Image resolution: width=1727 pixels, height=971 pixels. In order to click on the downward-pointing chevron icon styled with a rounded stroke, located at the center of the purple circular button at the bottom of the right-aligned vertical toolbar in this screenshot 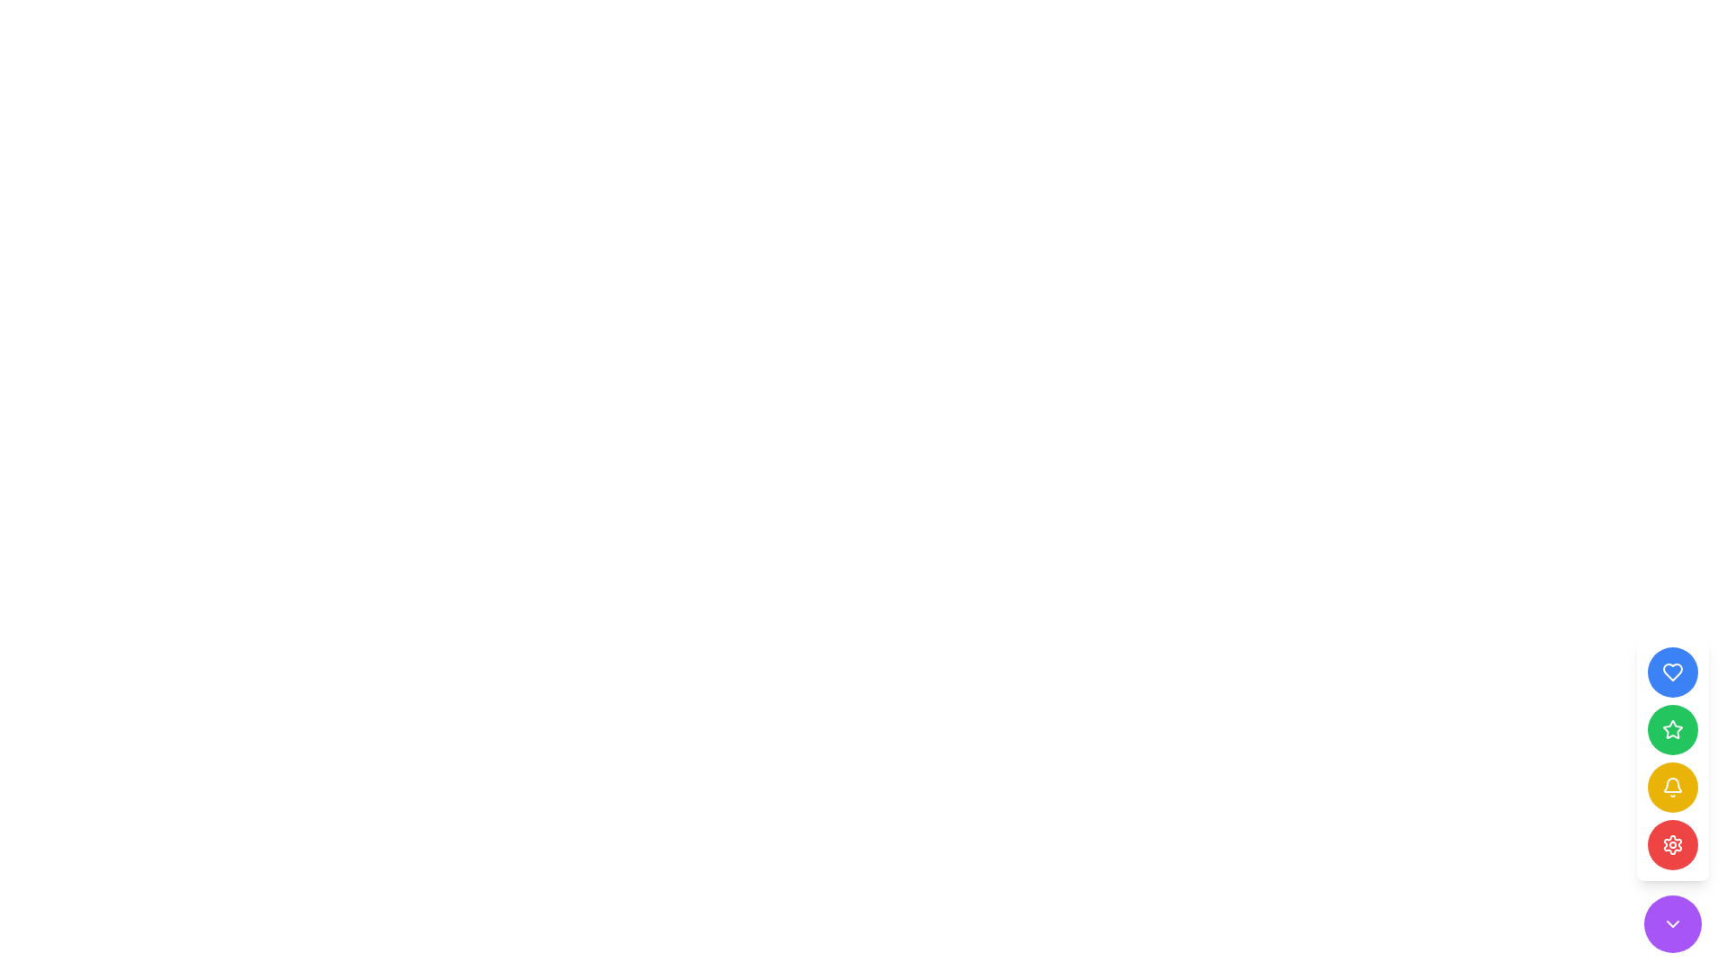, I will do `click(1672, 924)`.